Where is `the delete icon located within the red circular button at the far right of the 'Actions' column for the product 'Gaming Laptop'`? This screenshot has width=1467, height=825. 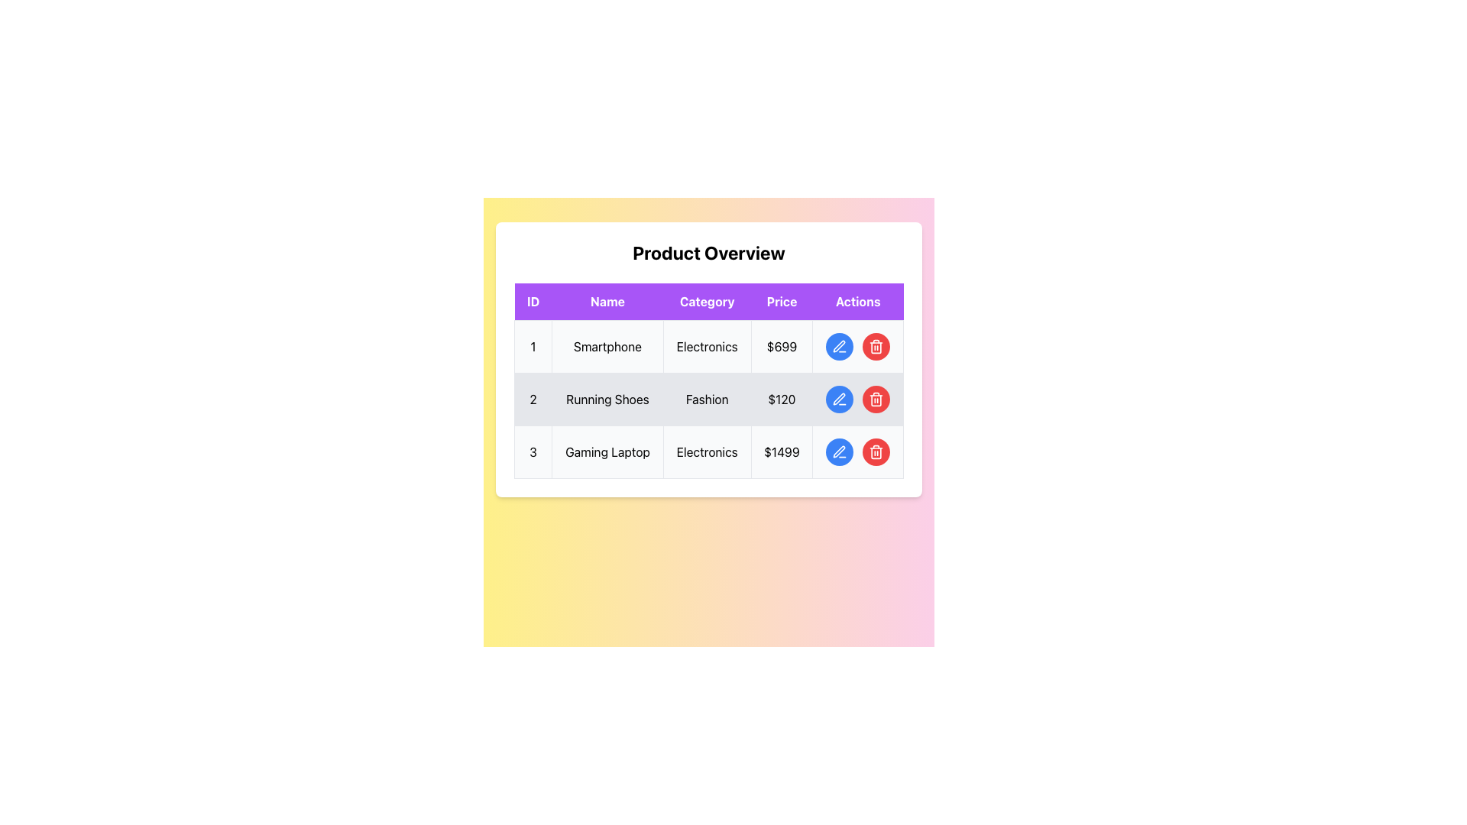
the delete icon located within the red circular button at the far right of the 'Actions' column for the product 'Gaming Laptop' is located at coordinates (876, 451).